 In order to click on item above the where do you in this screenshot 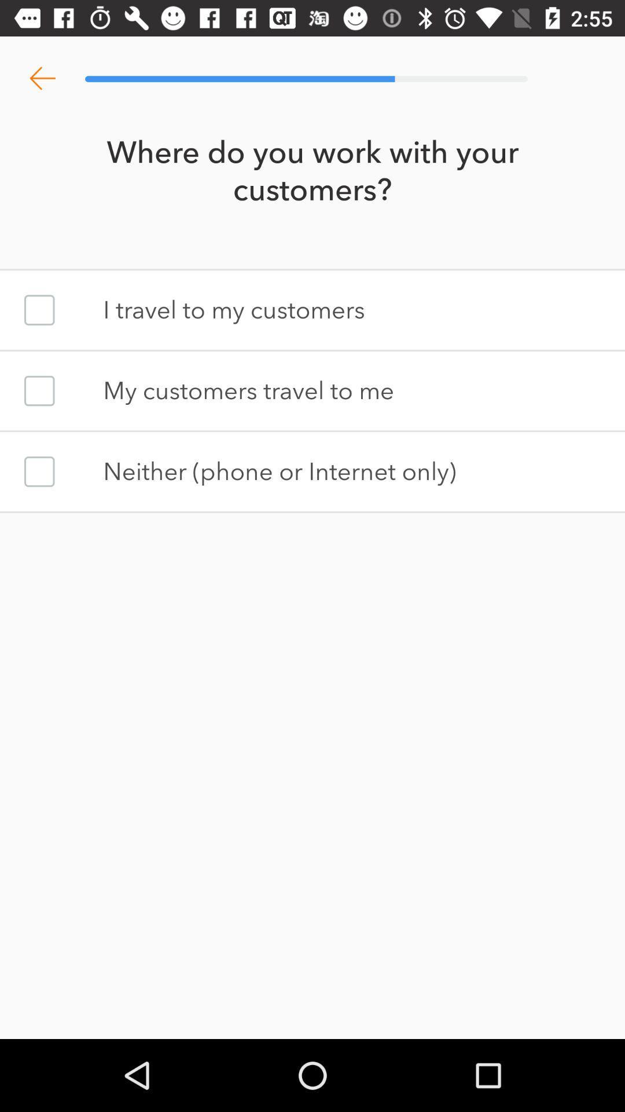, I will do `click(42, 78)`.